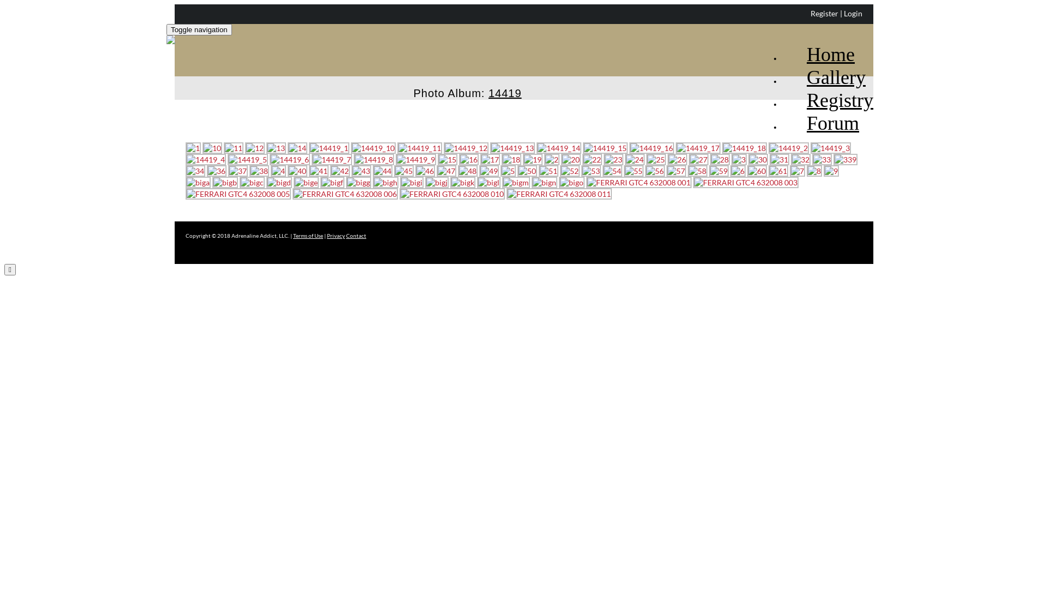 Image resolution: width=1048 pixels, height=589 pixels. What do you see at coordinates (259, 171) in the screenshot?
I see `'38 (click to enlarge)'` at bounding box center [259, 171].